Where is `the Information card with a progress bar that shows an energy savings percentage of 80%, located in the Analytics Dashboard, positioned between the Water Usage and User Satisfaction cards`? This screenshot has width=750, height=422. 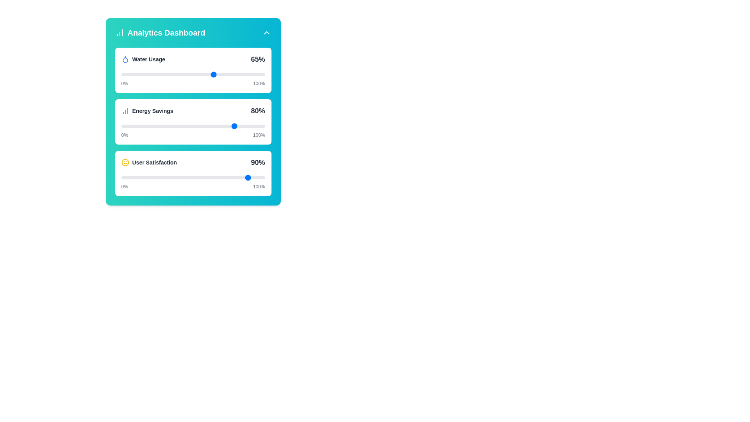 the Information card with a progress bar that shows an energy savings percentage of 80%, located in the Analytics Dashboard, positioned between the Water Usage and User Satisfaction cards is located at coordinates (193, 122).